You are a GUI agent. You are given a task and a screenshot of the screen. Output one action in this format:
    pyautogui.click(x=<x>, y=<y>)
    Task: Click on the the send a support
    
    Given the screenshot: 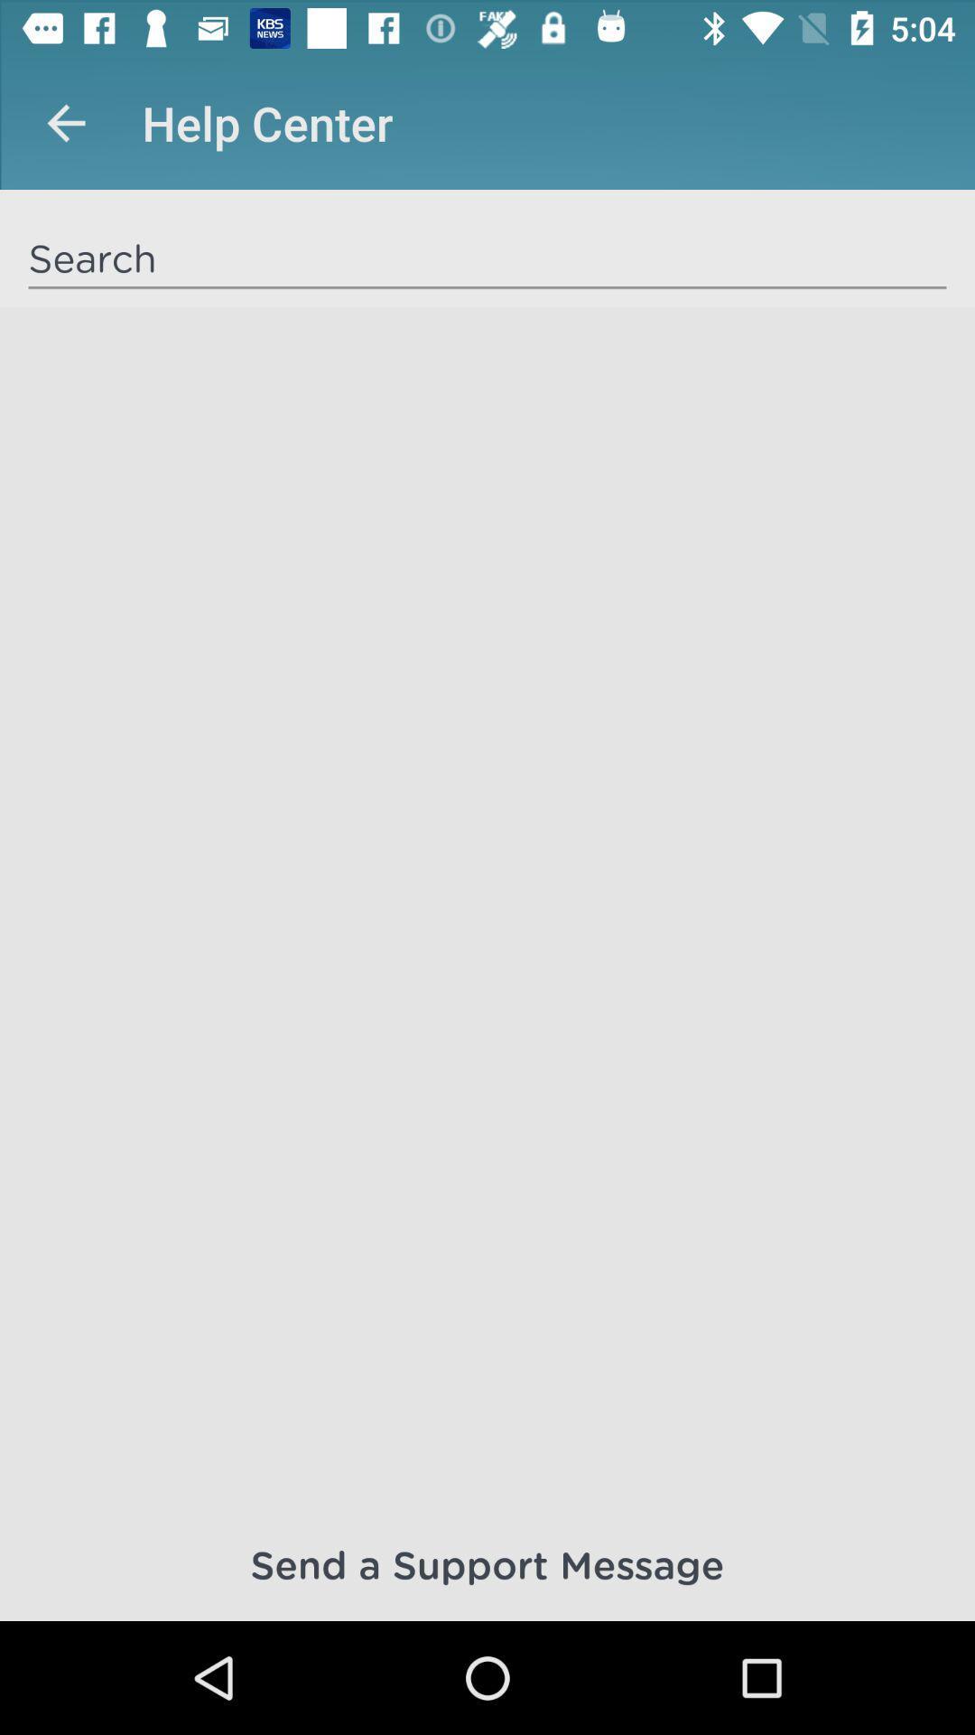 What is the action you would take?
    pyautogui.click(x=487, y=1563)
    